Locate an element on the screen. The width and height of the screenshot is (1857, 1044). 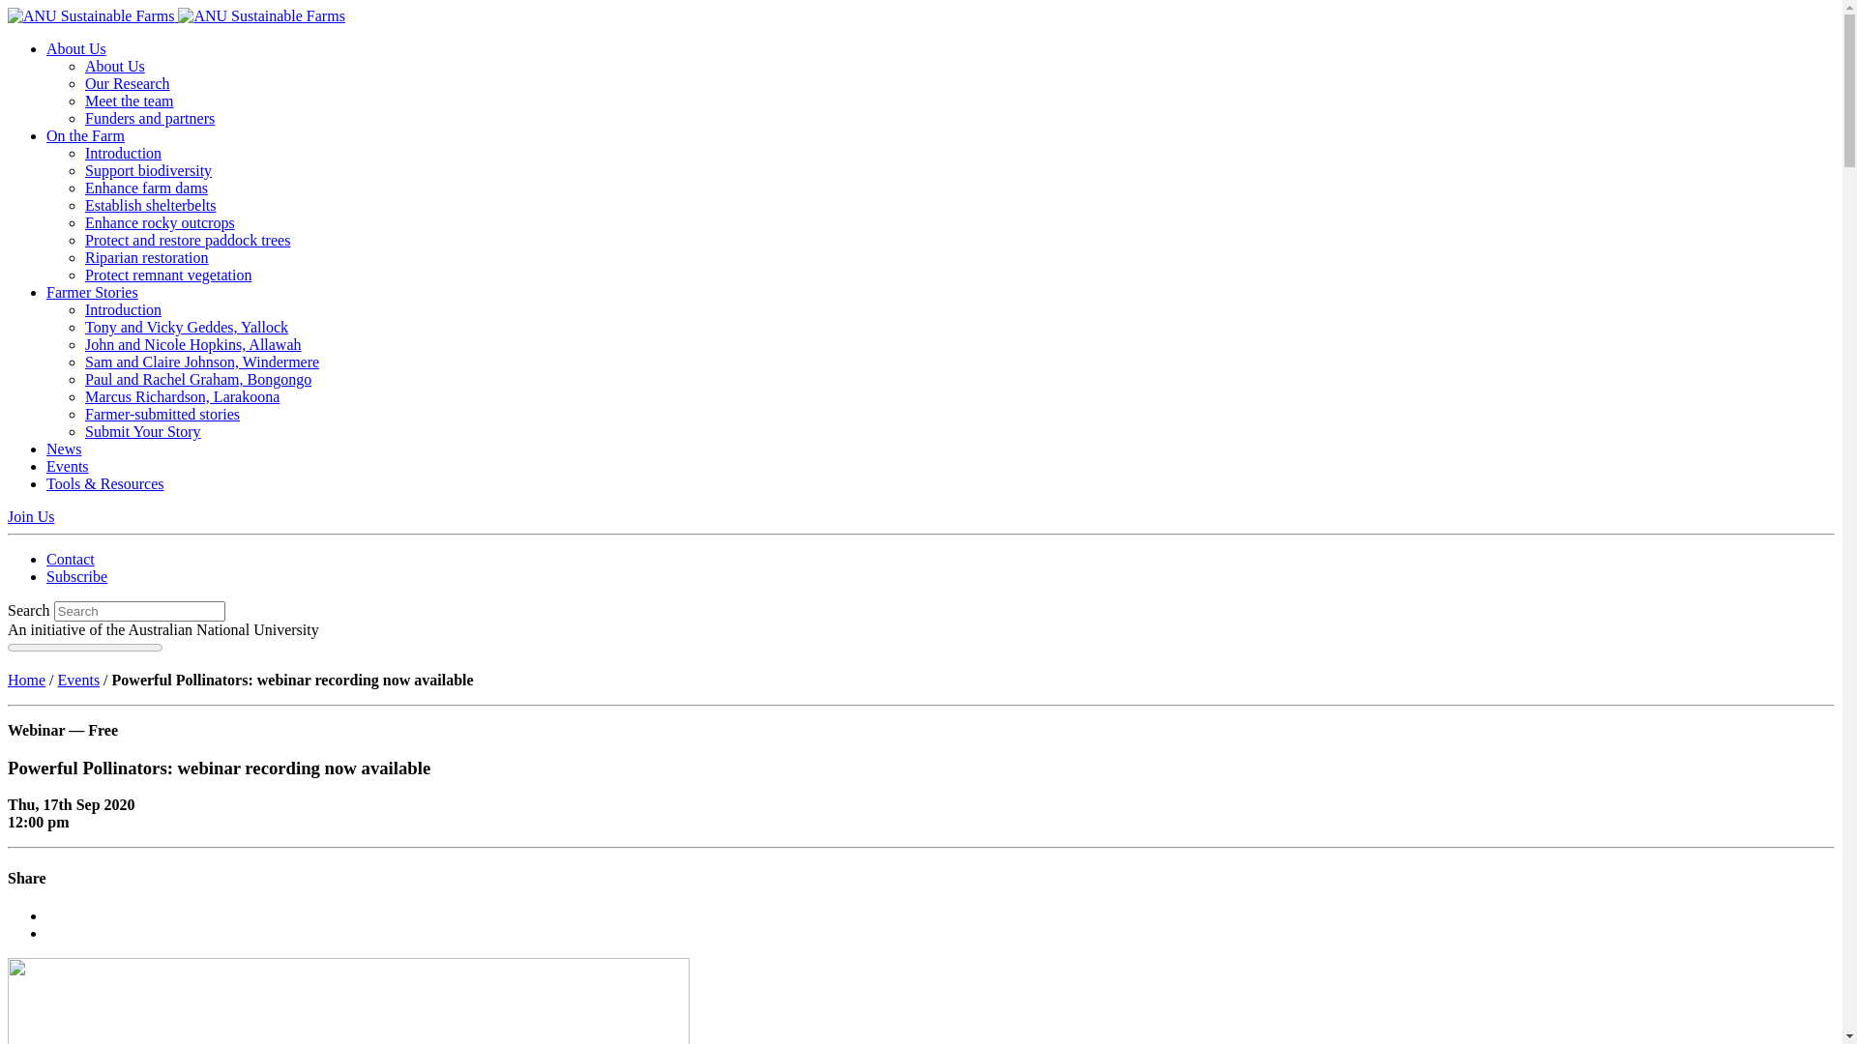
'News' is located at coordinates (64, 449).